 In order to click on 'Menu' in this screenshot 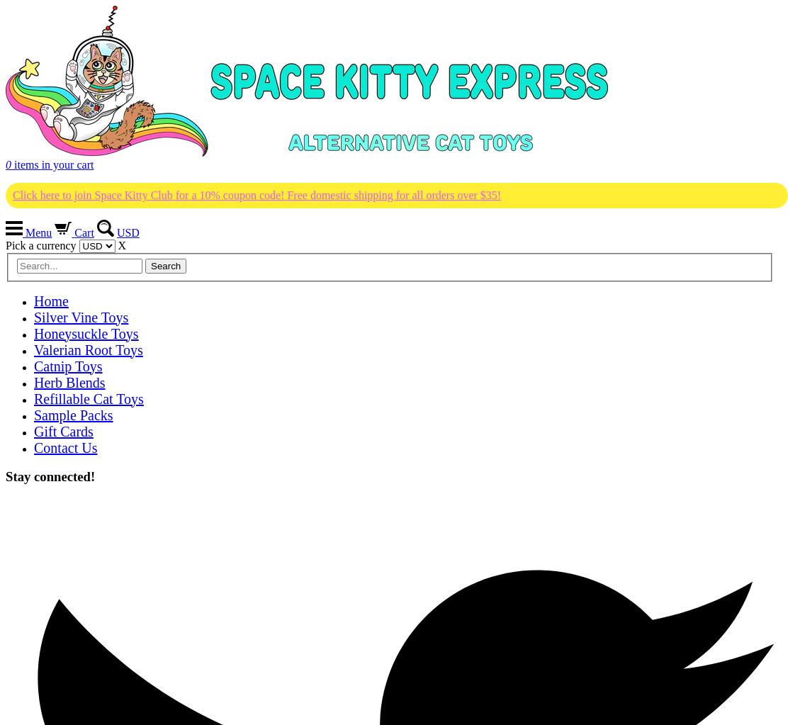, I will do `click(37, 232)`.